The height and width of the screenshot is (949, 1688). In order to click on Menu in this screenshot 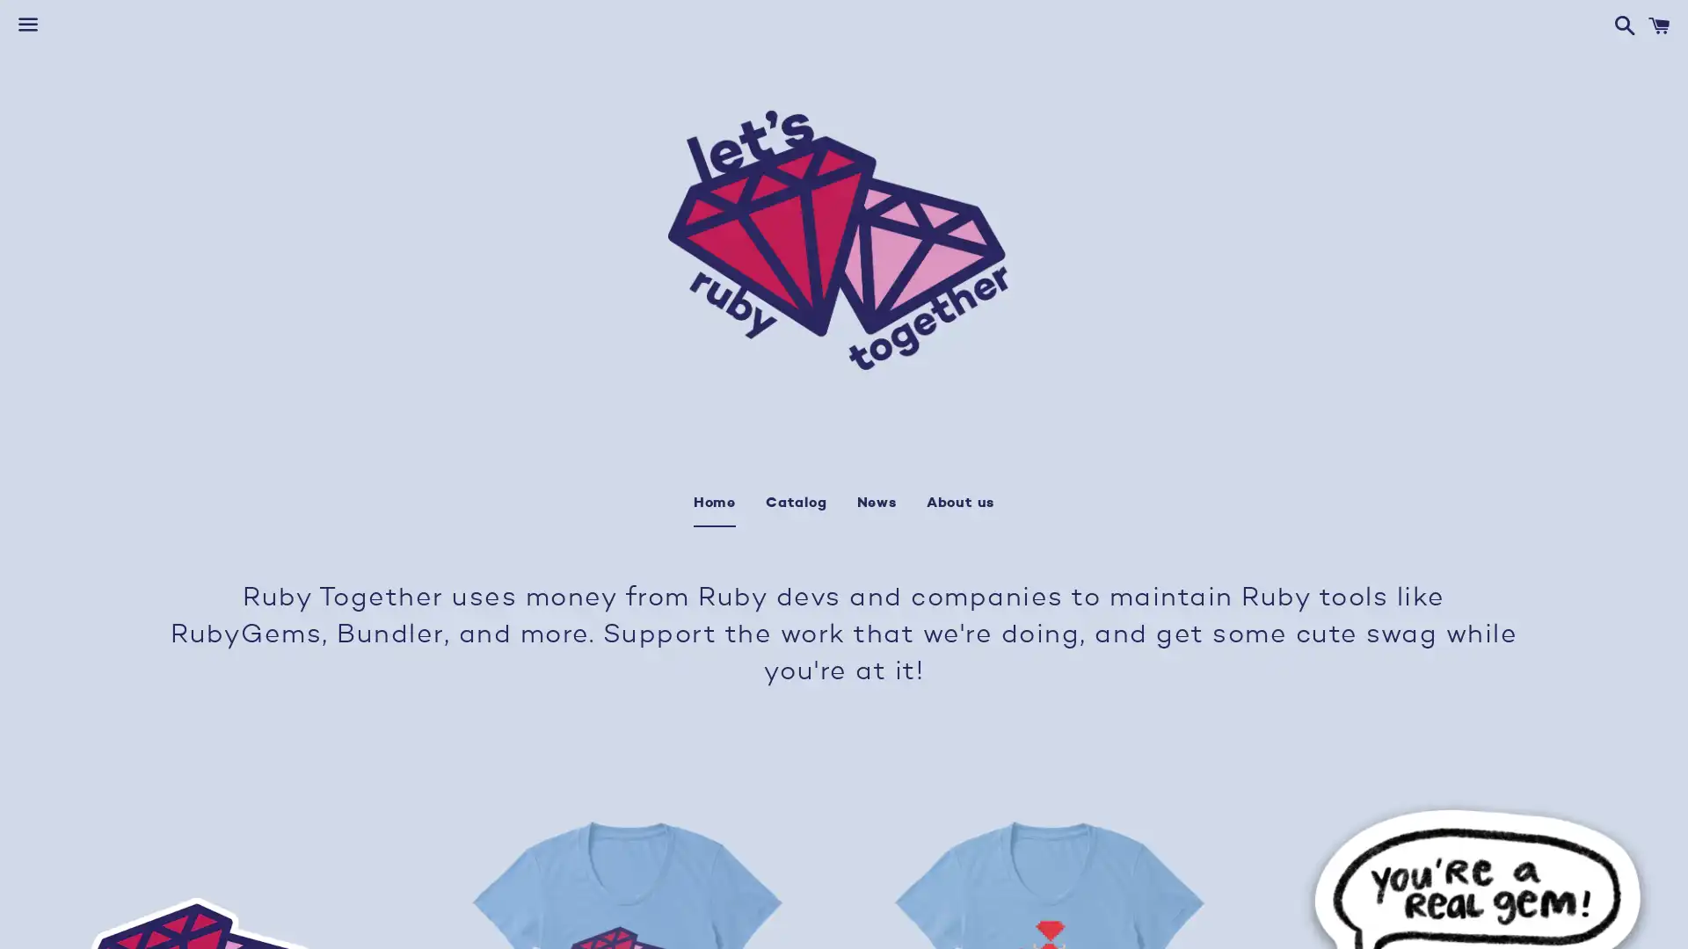, I will do `click(28, 27)`.